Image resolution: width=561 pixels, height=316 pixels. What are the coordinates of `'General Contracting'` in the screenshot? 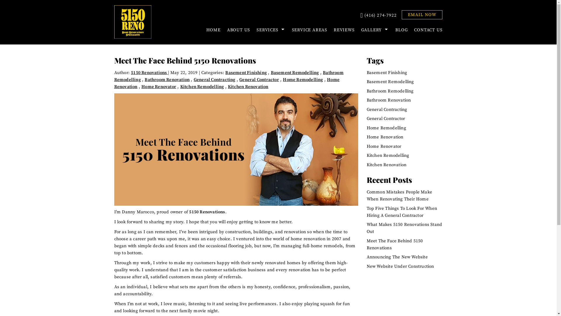 It's located at (193, 80).